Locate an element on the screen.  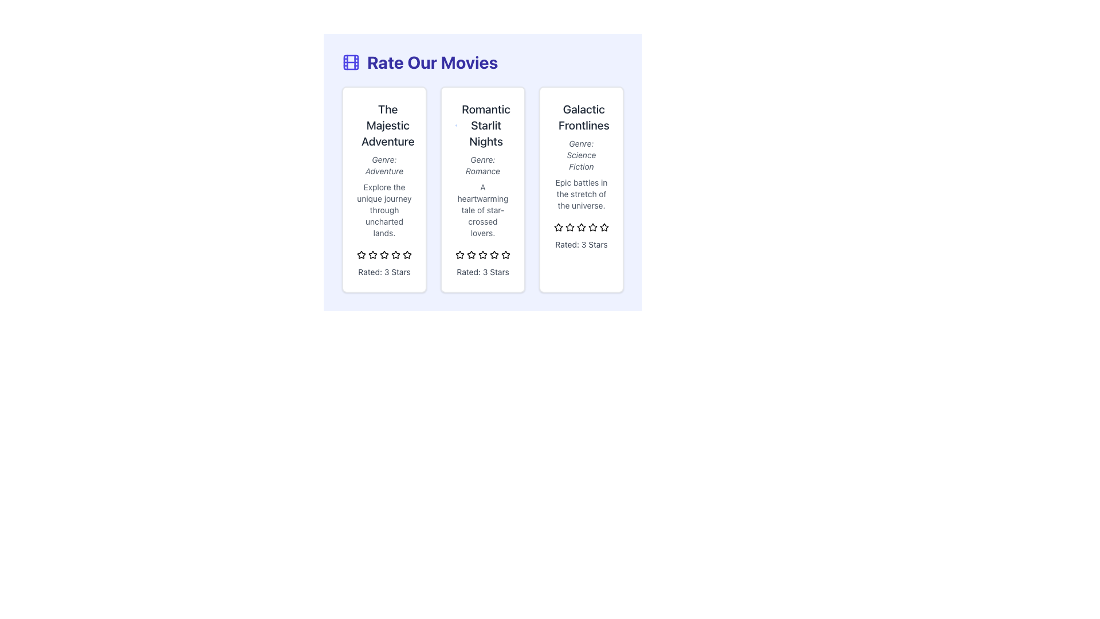
the 'Rated: 3 Stars' text label located at the bottom of the 'Romantic Starlit Nights' card is located at coordinates (483, 272).